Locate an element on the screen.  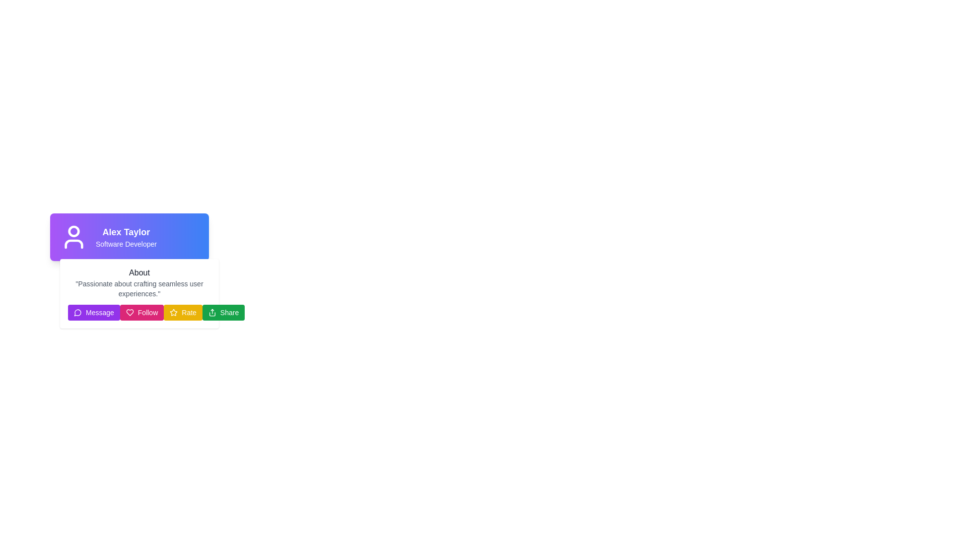
text label indicating the profession or role of the person, which is located directly below the 'Alex Taylor' label within the gradient back panel is located at coordinates (126, 244).